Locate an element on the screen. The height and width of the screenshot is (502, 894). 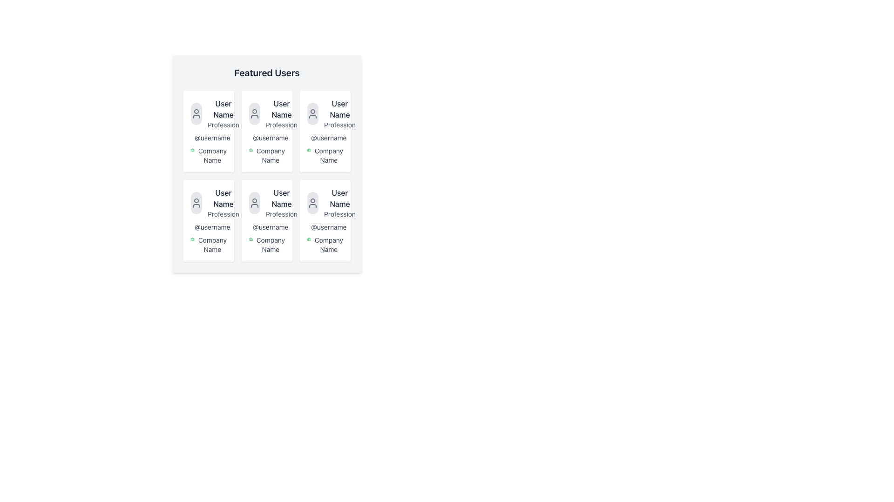
the user icon styled in a minimalist manner, which is contained within a circular button with a light gray background, located in the third card of the top row in the grid of user cards under the heading 'Featured Users' is located at coordinates (313, 113).